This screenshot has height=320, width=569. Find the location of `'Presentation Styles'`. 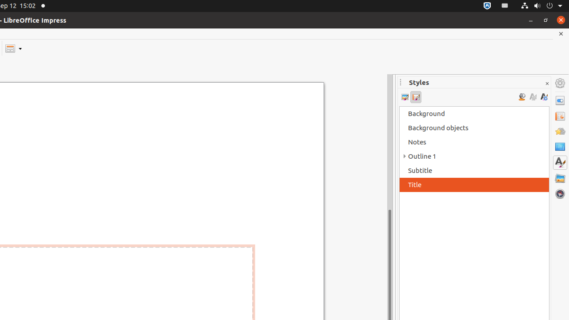

'Presentation Styles' is located at coordinates (415, 97).